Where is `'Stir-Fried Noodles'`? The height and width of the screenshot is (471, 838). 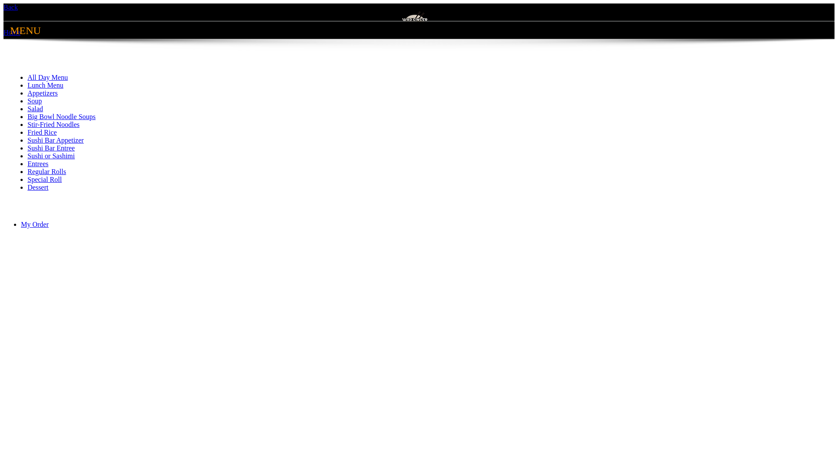
'Stir-Fried Noodles' is located at coordinates (53, 124).